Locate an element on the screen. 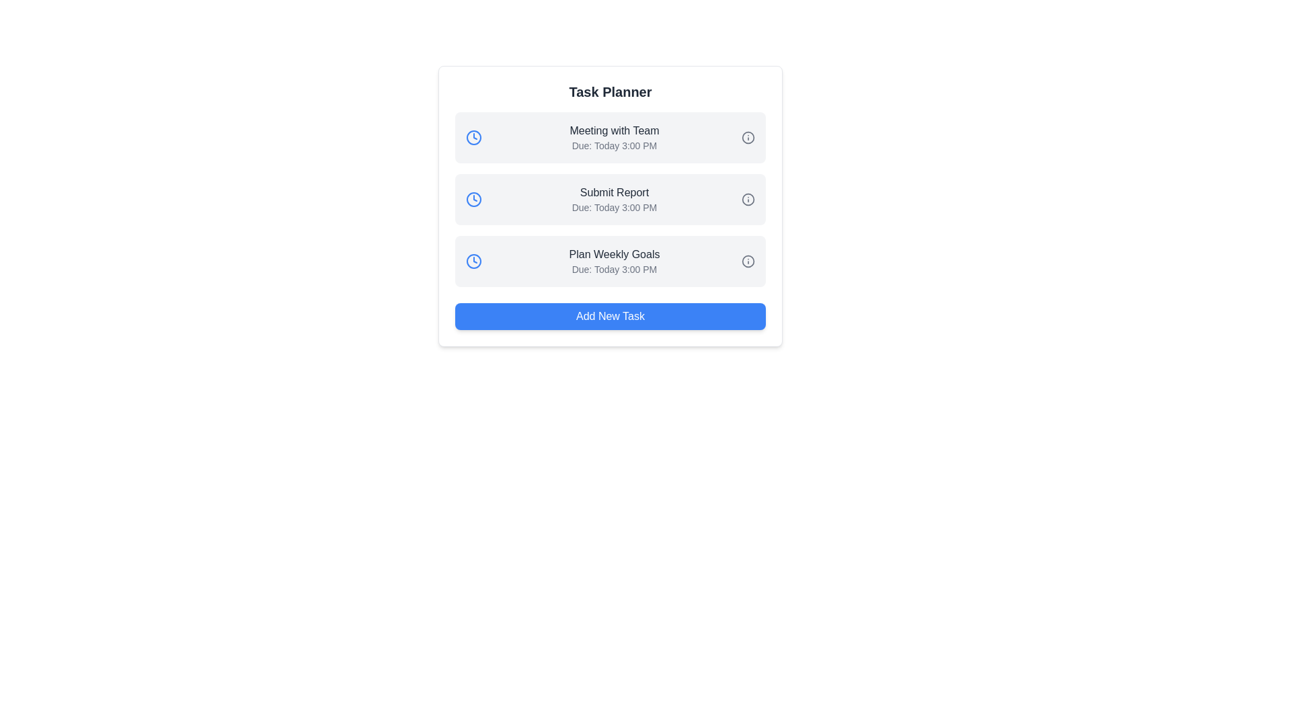 The image size is (1291, 726). the SVG circle graphic within the interactive icon located to the right of the list item 'Meeting with Team' is located at coordinates (748, 137).